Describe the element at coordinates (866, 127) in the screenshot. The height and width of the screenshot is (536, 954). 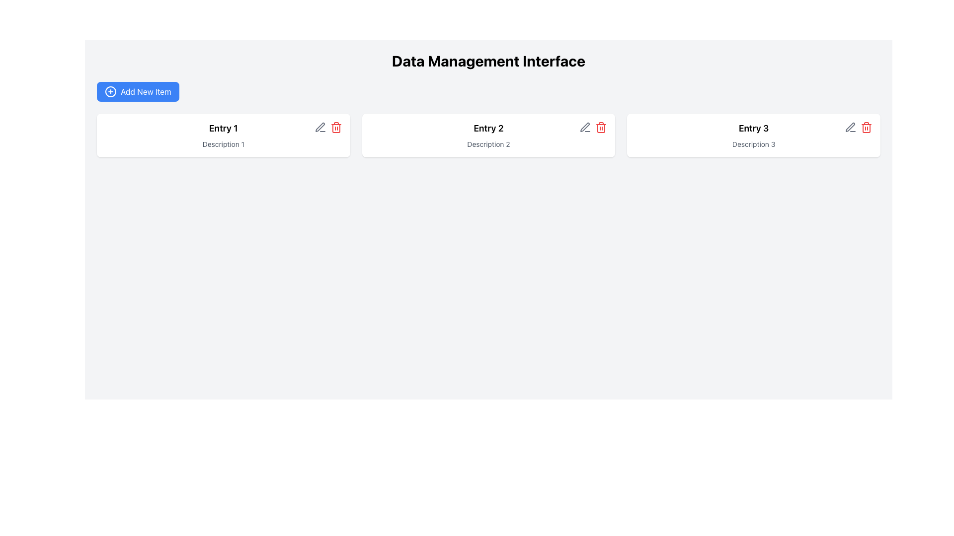
I see `the delete button located at the top-right corner of the card labeled 'Entry 3'` at that location.